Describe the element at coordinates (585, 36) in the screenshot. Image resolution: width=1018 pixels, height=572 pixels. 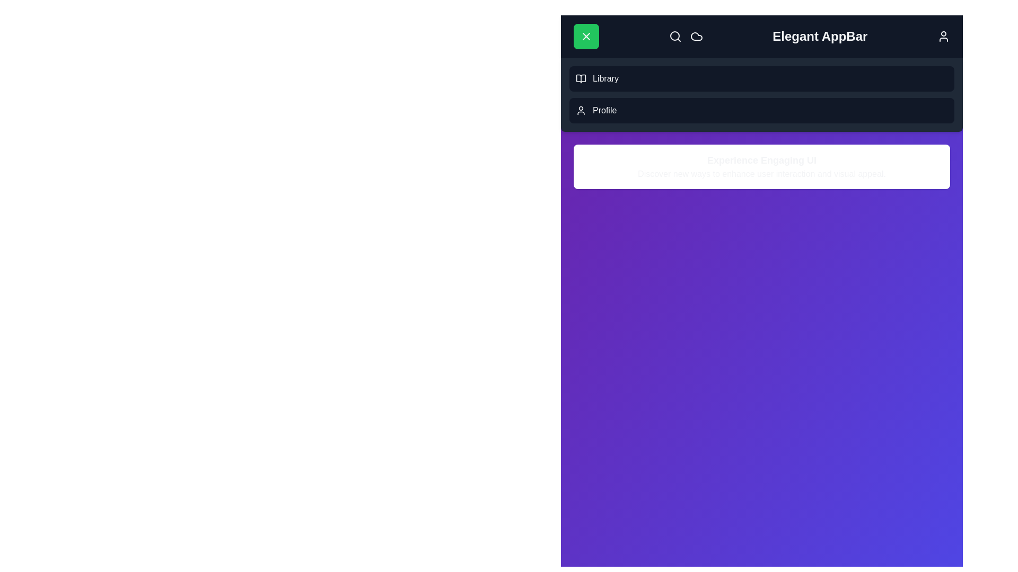
I see `green button to toggle the menu visibility` at that location.